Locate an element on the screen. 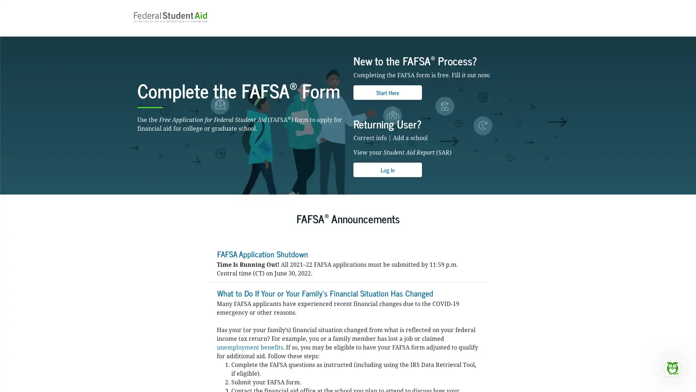 This screenshot has height=392, width=696. Espanol is located at coordinates (551, 5).